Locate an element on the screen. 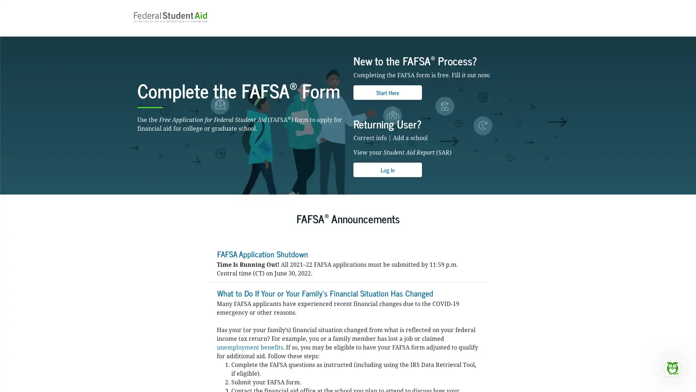 This screenshot has height=392, width=696. Espanol is located at coordinates (551, 5).